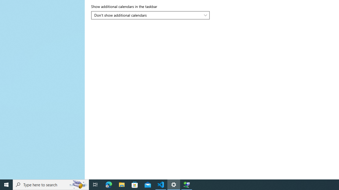  What do you see at coordinates (150, 15) in the screenshot?
I see `'Show additional calendars in the taskbar'` at bounding box center [150, 15].